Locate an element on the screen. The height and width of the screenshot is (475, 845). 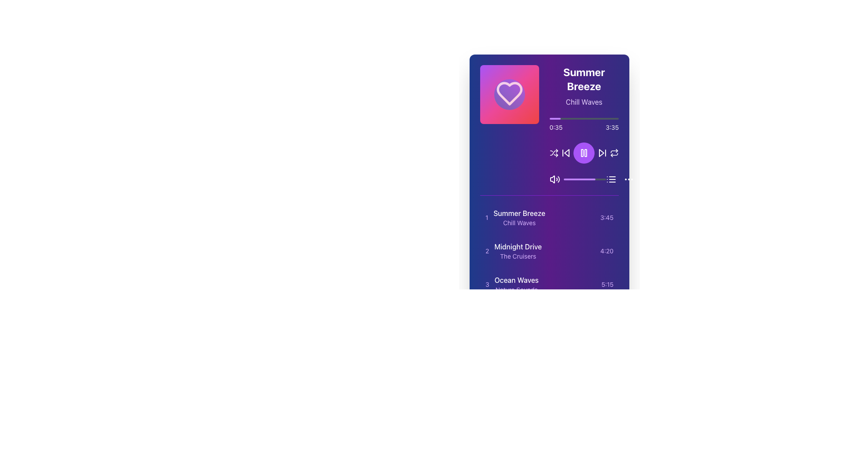
the text display for the title 'Midnight Drive' which is part of the music track list, specifically the second item with numeric identifier '2' is located at coordinates (518, 251).